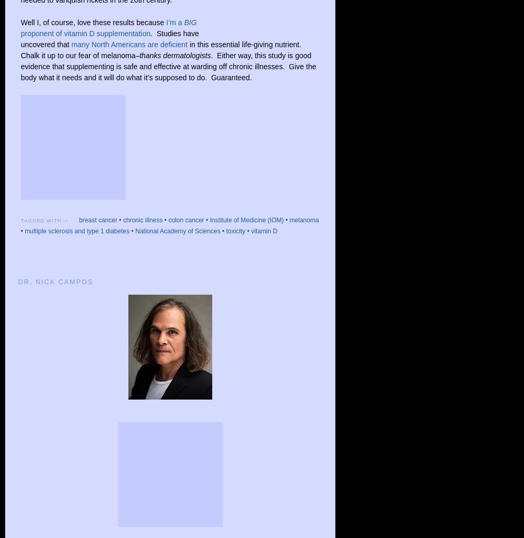 This screenshot has width=524, height=538. I want to click on 'BIG', so click(183, 21).